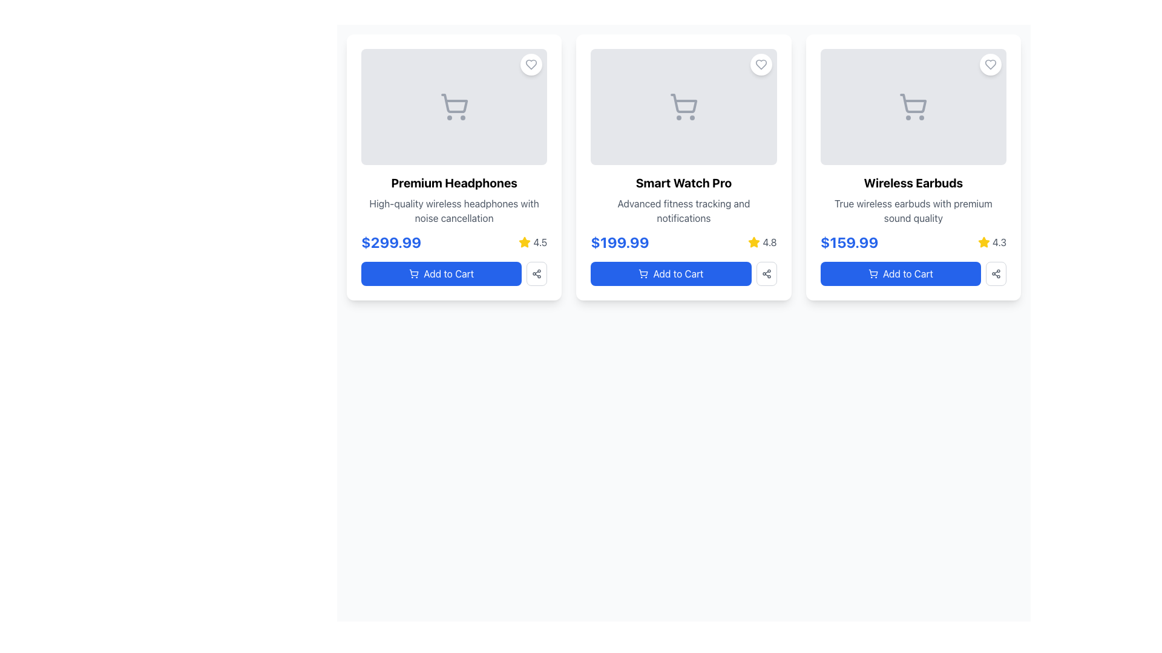 This screenshot has width=1162, height=653. What do you see at coordinates (760, 65) in the screenshot?
I see `the 'favorite' icon button located in the top-right corner of the 'Smart Watch Pro' card` at bounding box center [760, 65].